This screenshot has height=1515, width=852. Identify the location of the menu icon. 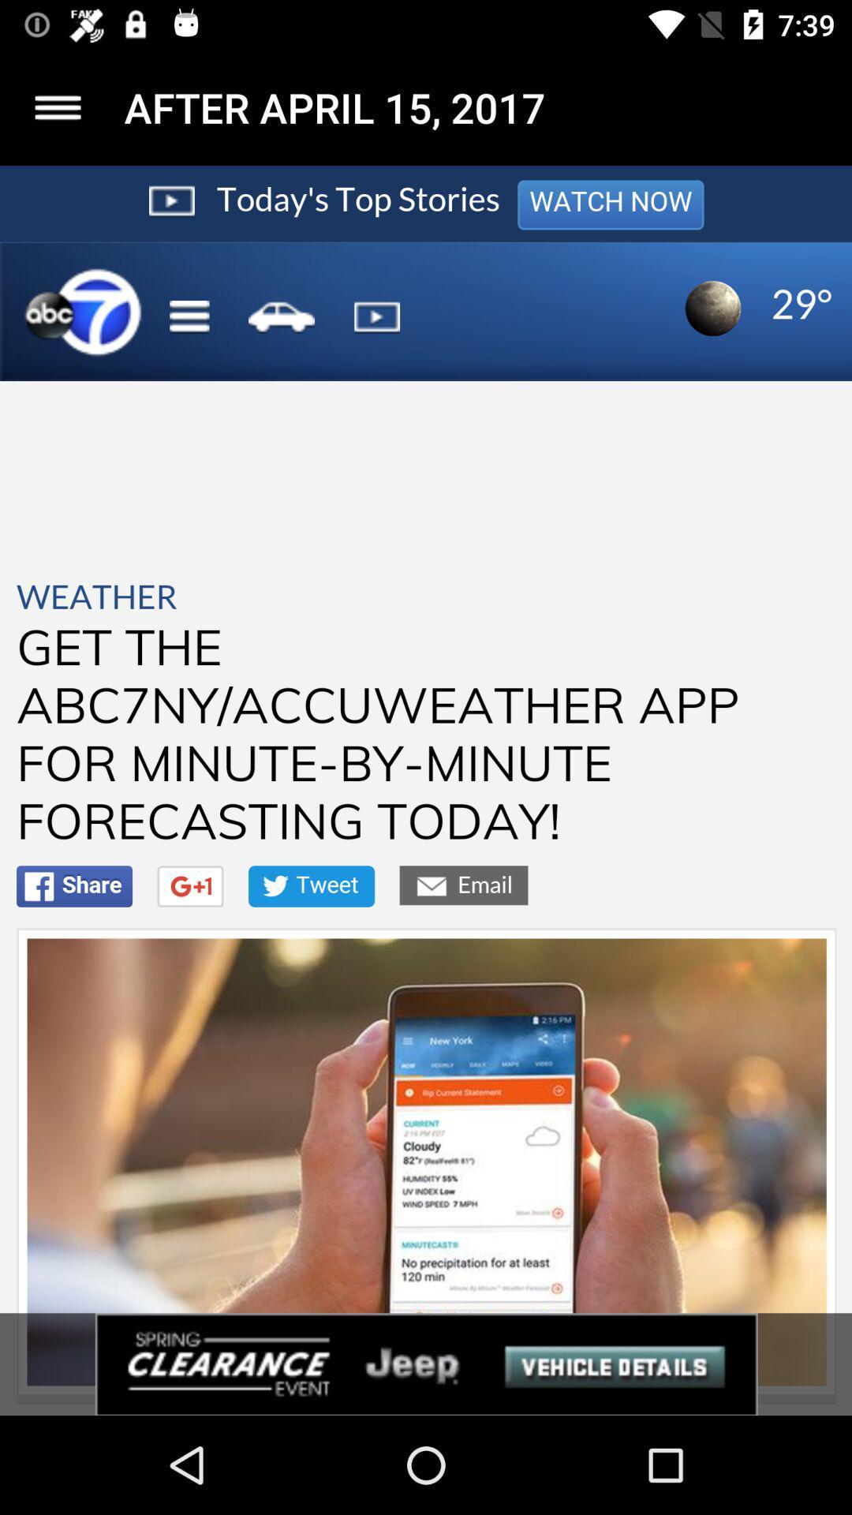
(57, 107).